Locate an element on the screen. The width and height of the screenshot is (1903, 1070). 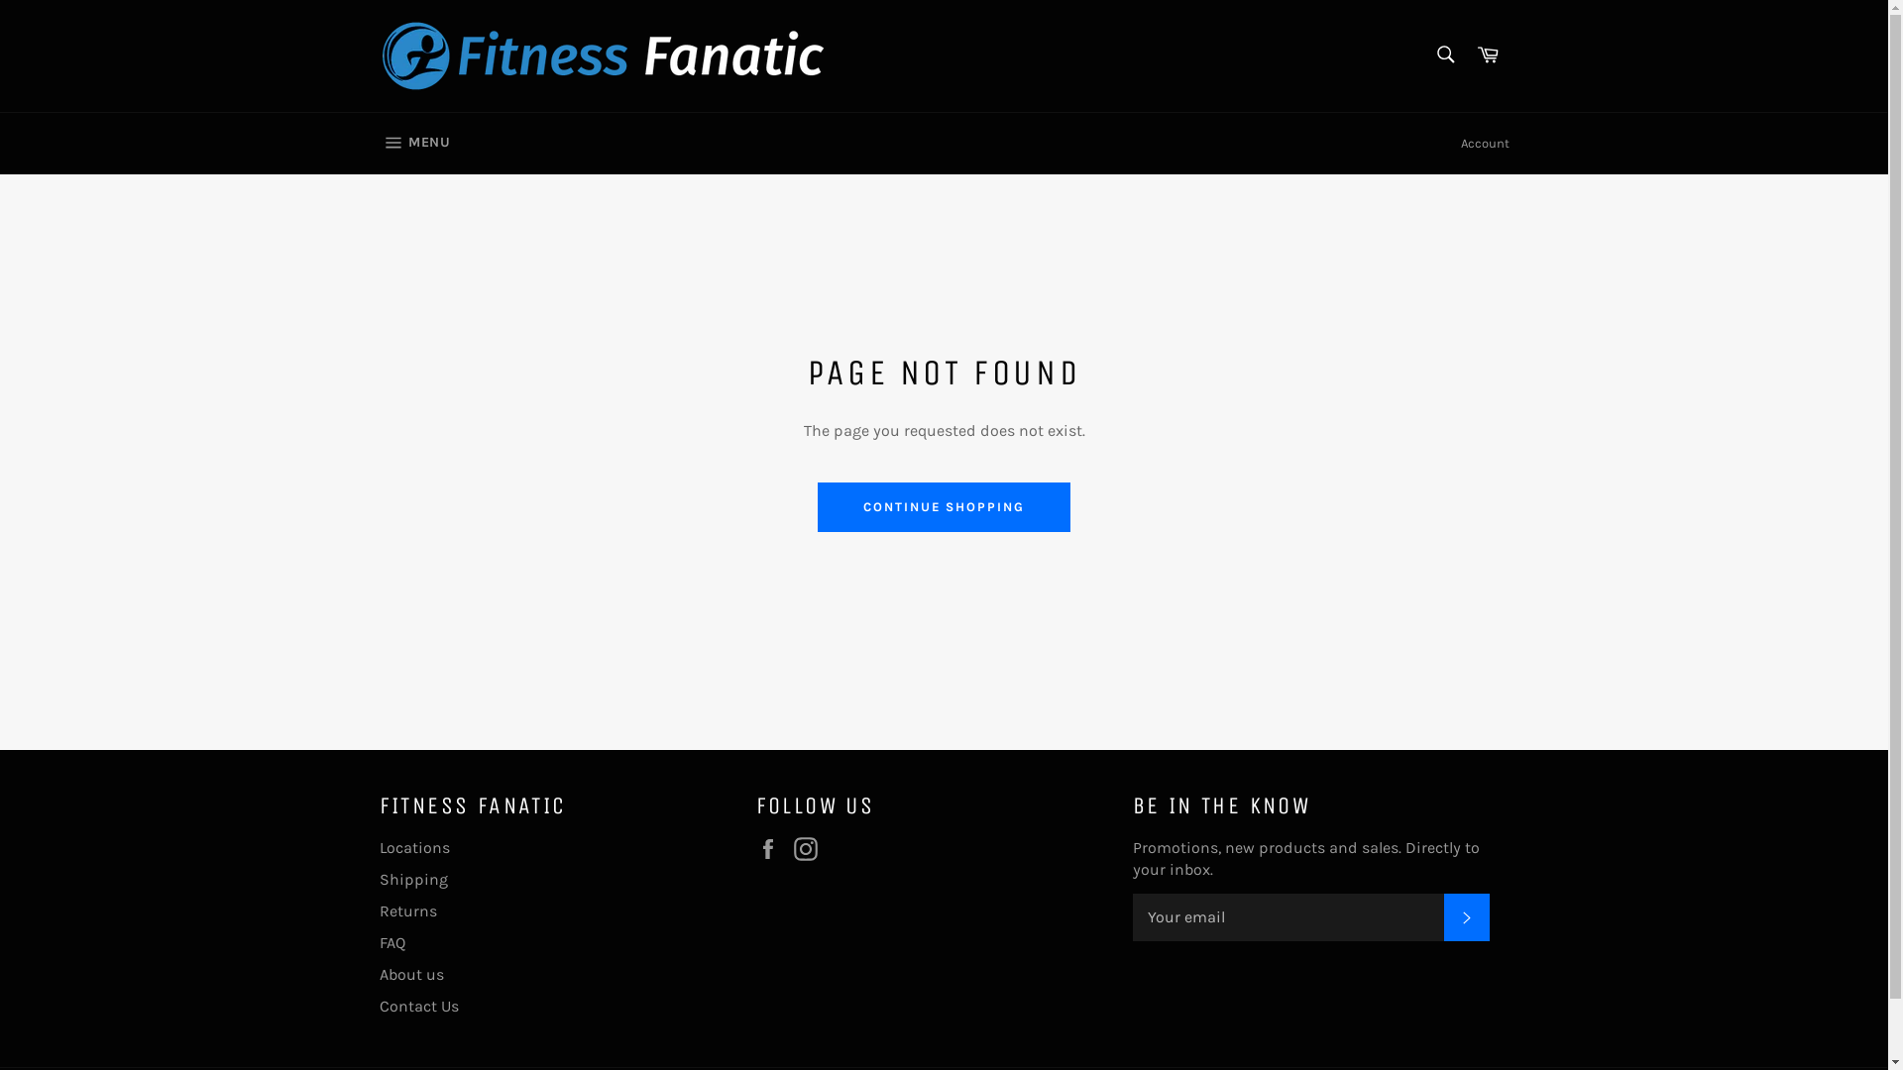
'Instagram' is located at coordinates (809, 847).